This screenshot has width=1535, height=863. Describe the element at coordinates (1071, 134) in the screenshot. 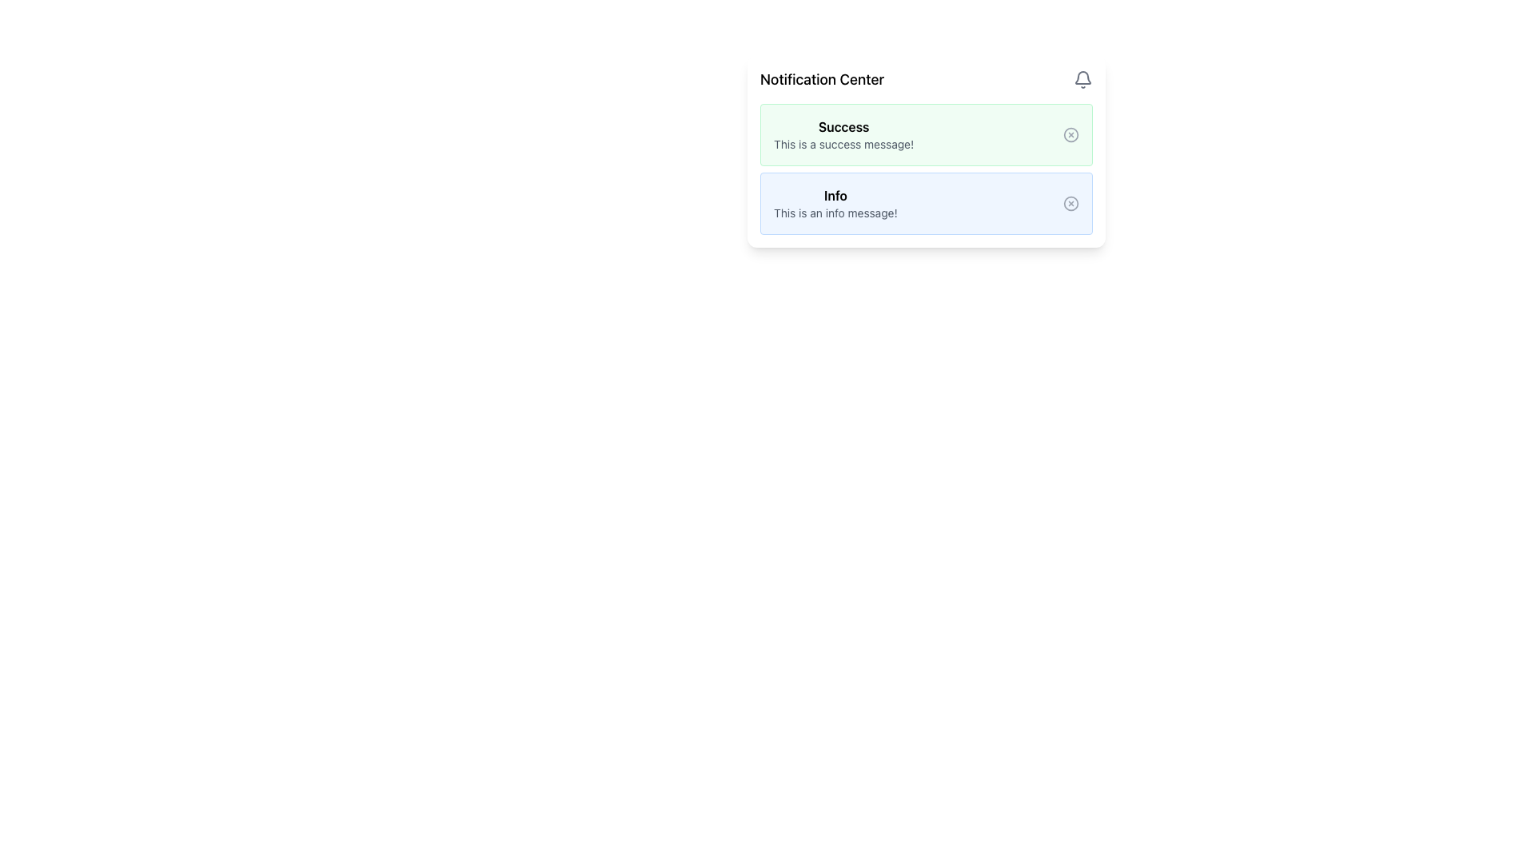

I see `the close button located in the upper right corner of the green 'Success' notification box` at that location.